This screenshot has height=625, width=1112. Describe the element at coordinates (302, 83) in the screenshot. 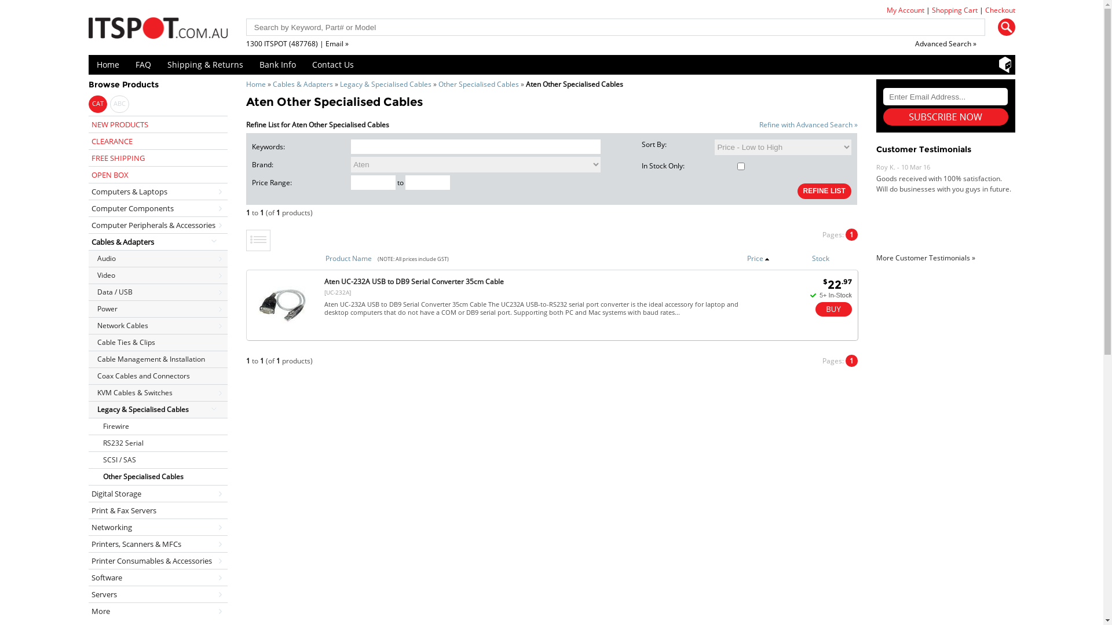

I see `'Cables & Adapters'` at that location.